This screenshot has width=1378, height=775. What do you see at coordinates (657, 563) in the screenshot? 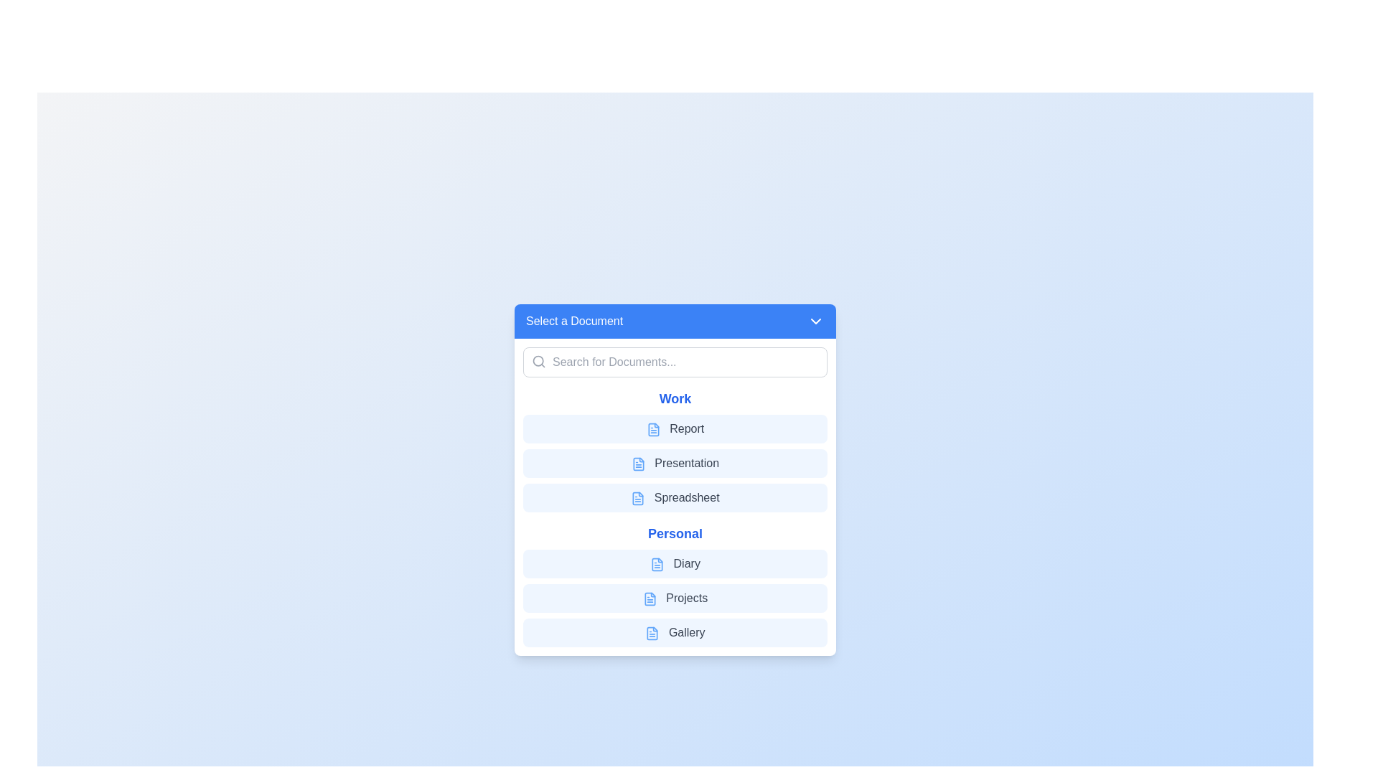
I see `the Diary icon in the Personal section of the menu` at bounding box center [657, 563].